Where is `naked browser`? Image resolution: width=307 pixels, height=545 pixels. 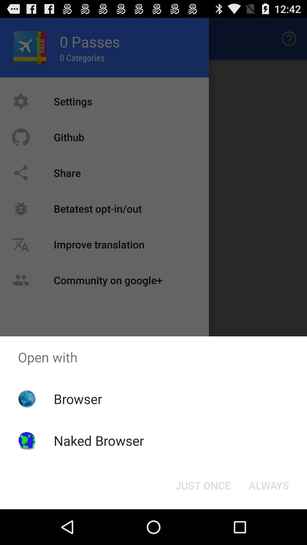
naked browser is located at coordinates (98, 440).